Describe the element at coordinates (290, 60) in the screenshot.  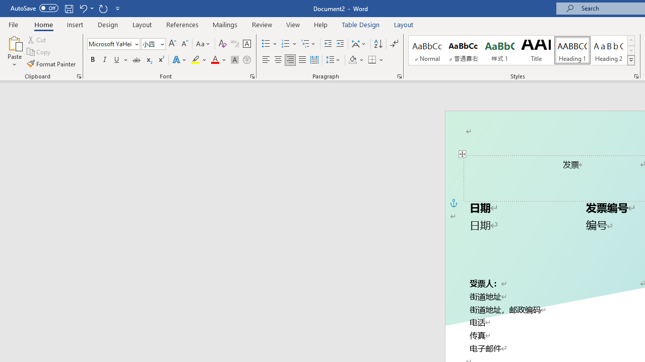
I see `'Align Right'` at that location.